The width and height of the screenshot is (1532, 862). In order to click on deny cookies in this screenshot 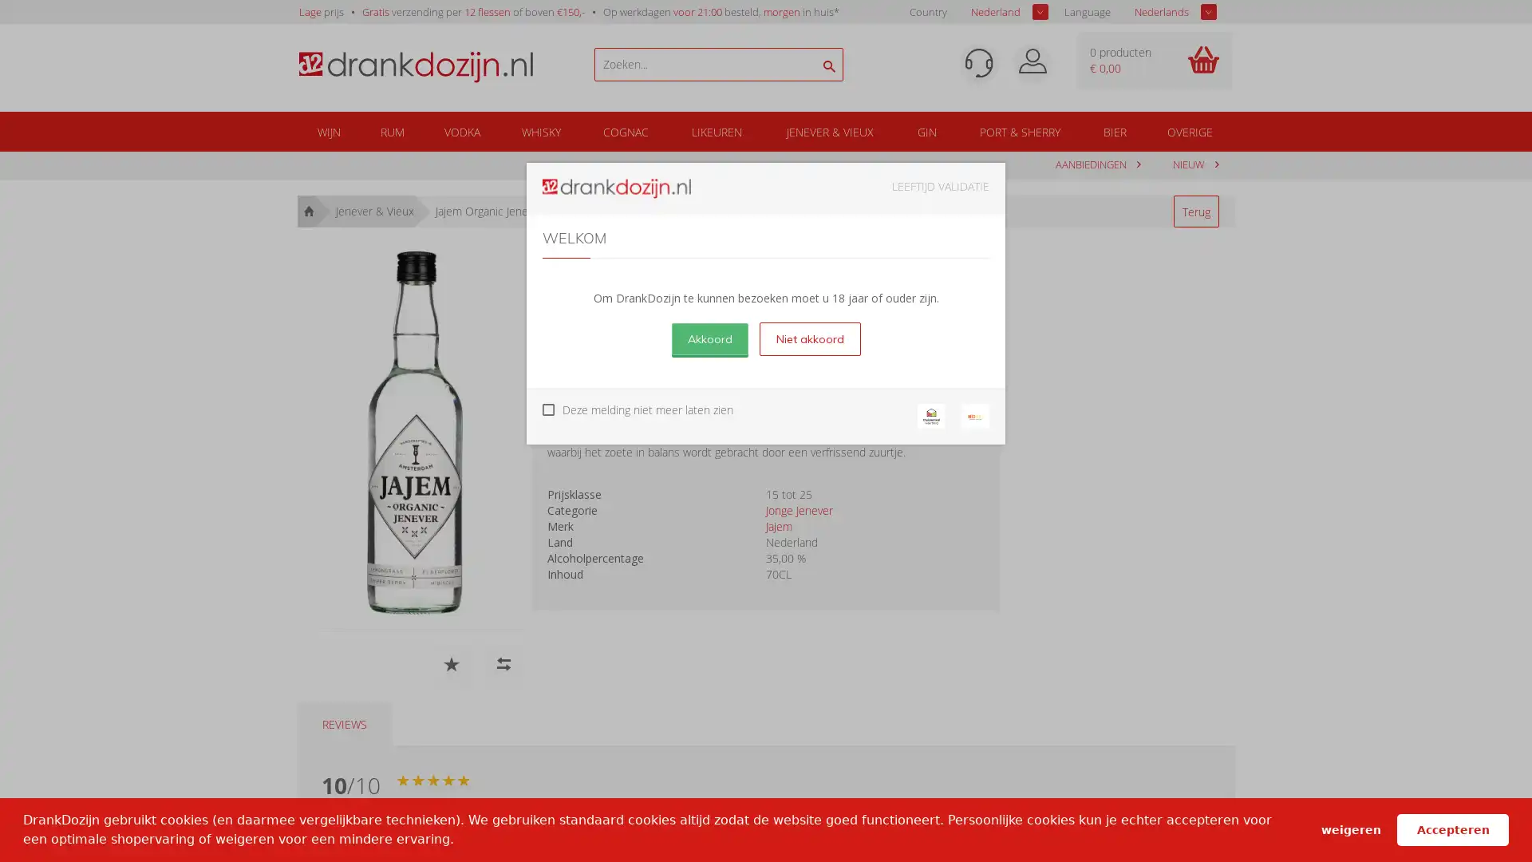, I will do `click(1349, 828)`.